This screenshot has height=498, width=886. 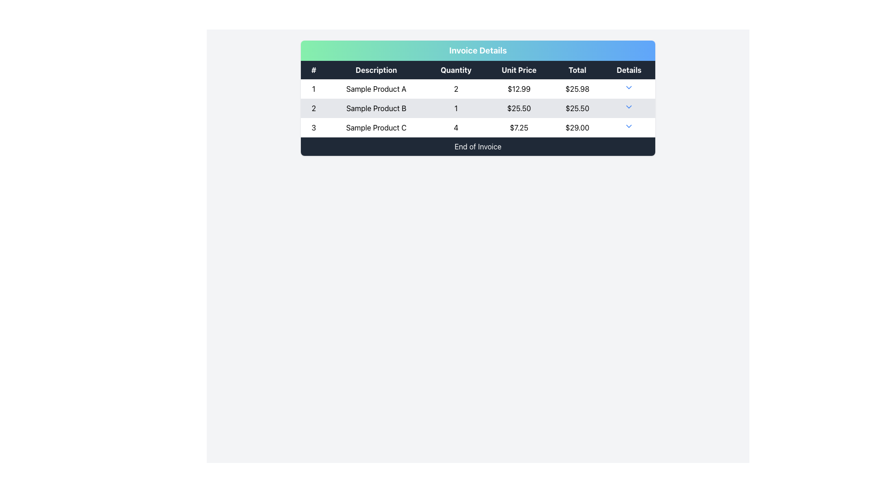 What do you see at coordinates (519, 89) in the screenshot?
I see `the Static Text element displaying the price '$12.99' for 'Sample Product A' in the Unit Price column of the table` at bounding box center [519, 89].